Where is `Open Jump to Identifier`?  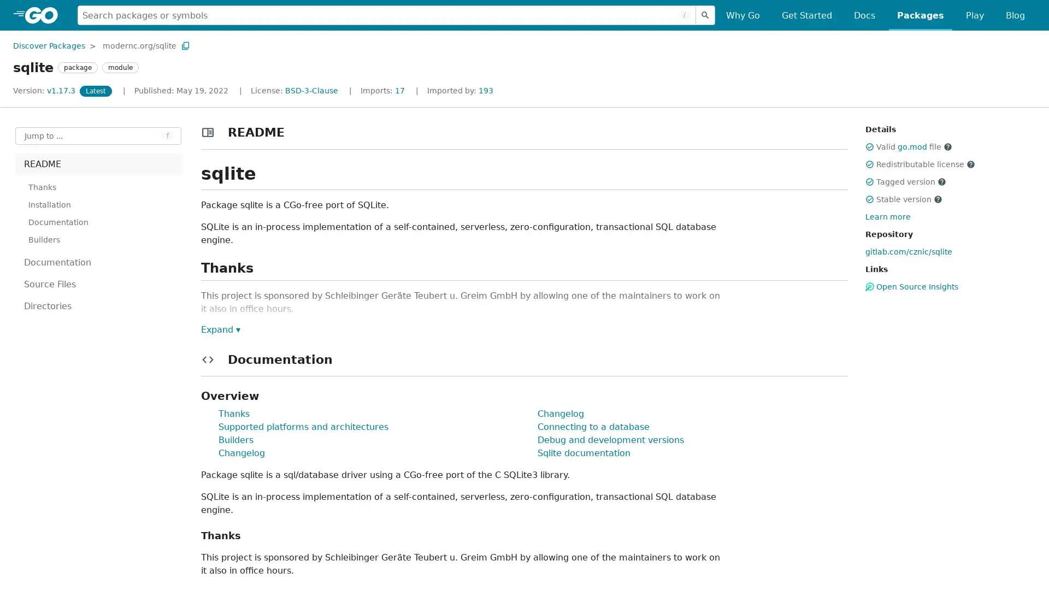
Open Jump to Identifier is located at coordinates (98, 135).